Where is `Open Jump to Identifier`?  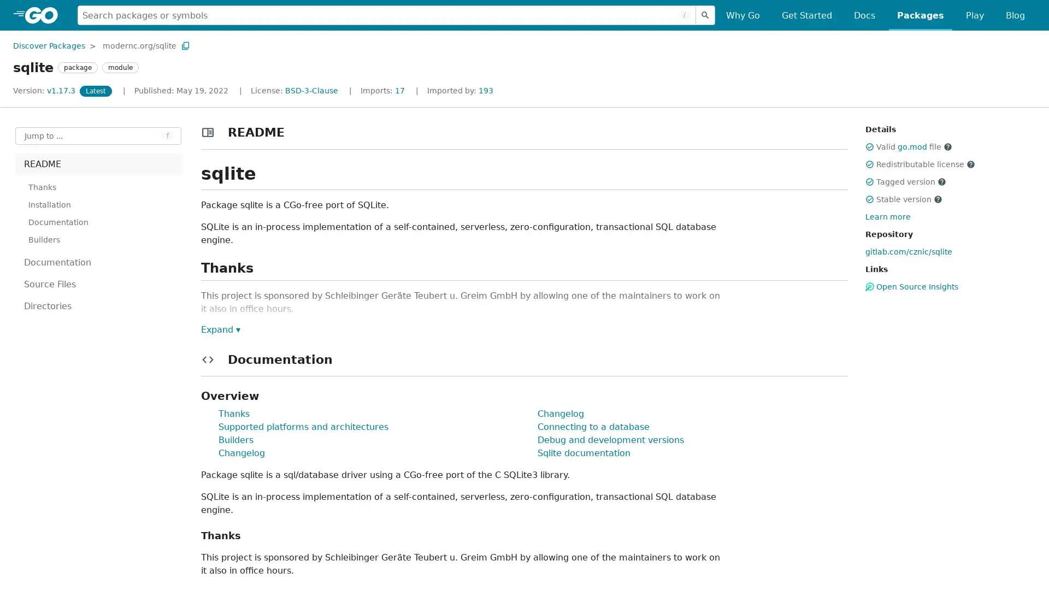
Open Jump to Identifier is located at coordinates (98, 135).